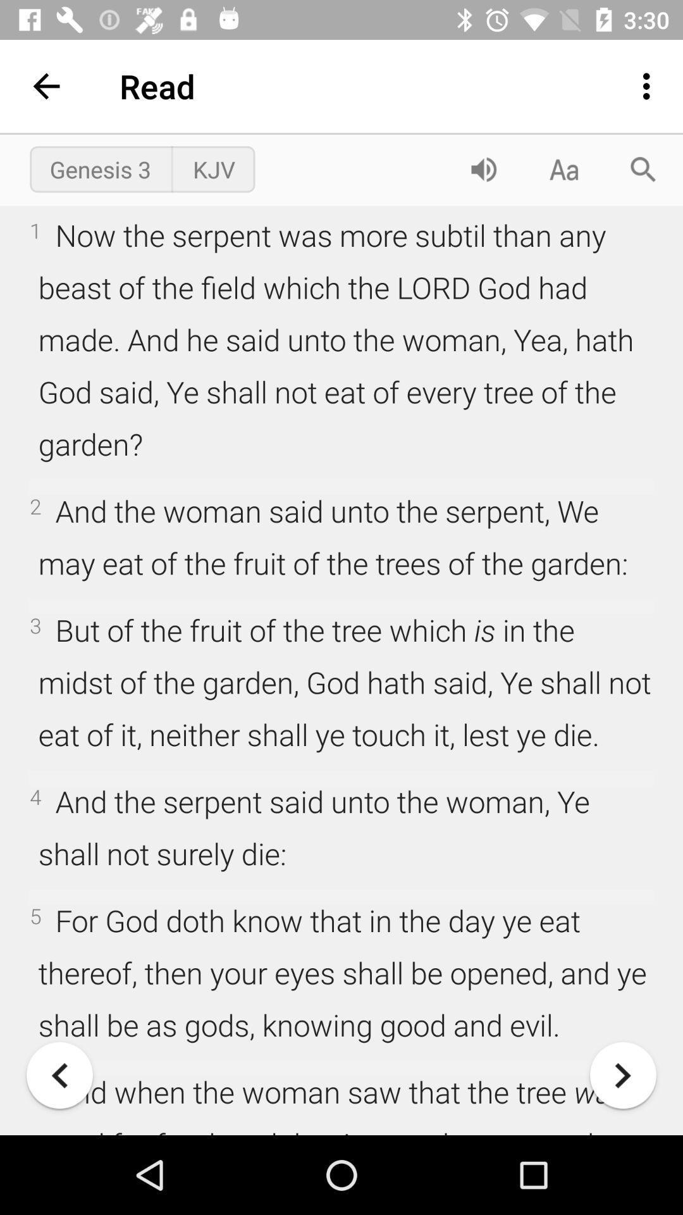 This screenshot has height=1215, width=683. Describe the element at coordinates (99, 168) in the screenshot. I see `genesis 3 item` at that location.